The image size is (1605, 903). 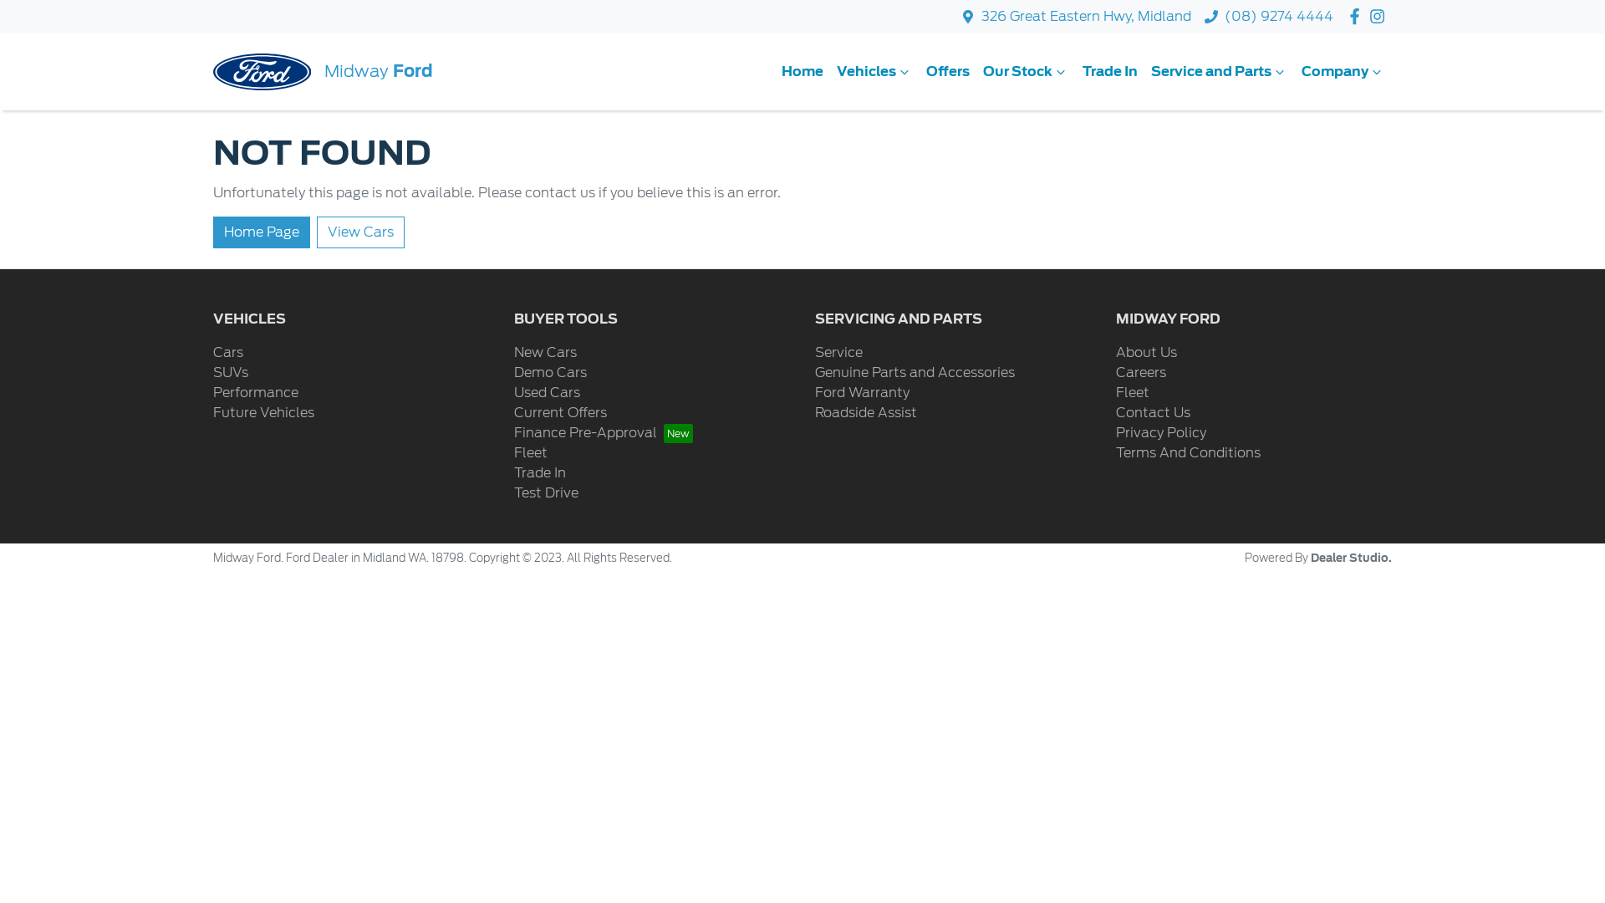 I want to click on 'Future Vehicles', so click(x=262, y=412).